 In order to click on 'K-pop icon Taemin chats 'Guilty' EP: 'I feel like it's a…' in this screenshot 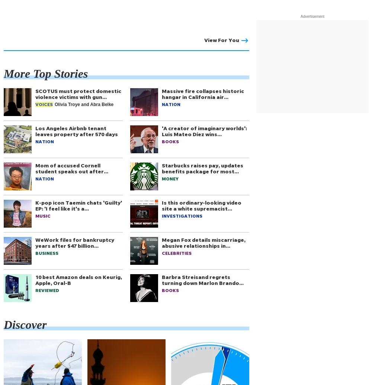, I will do `click(35, 205)`.